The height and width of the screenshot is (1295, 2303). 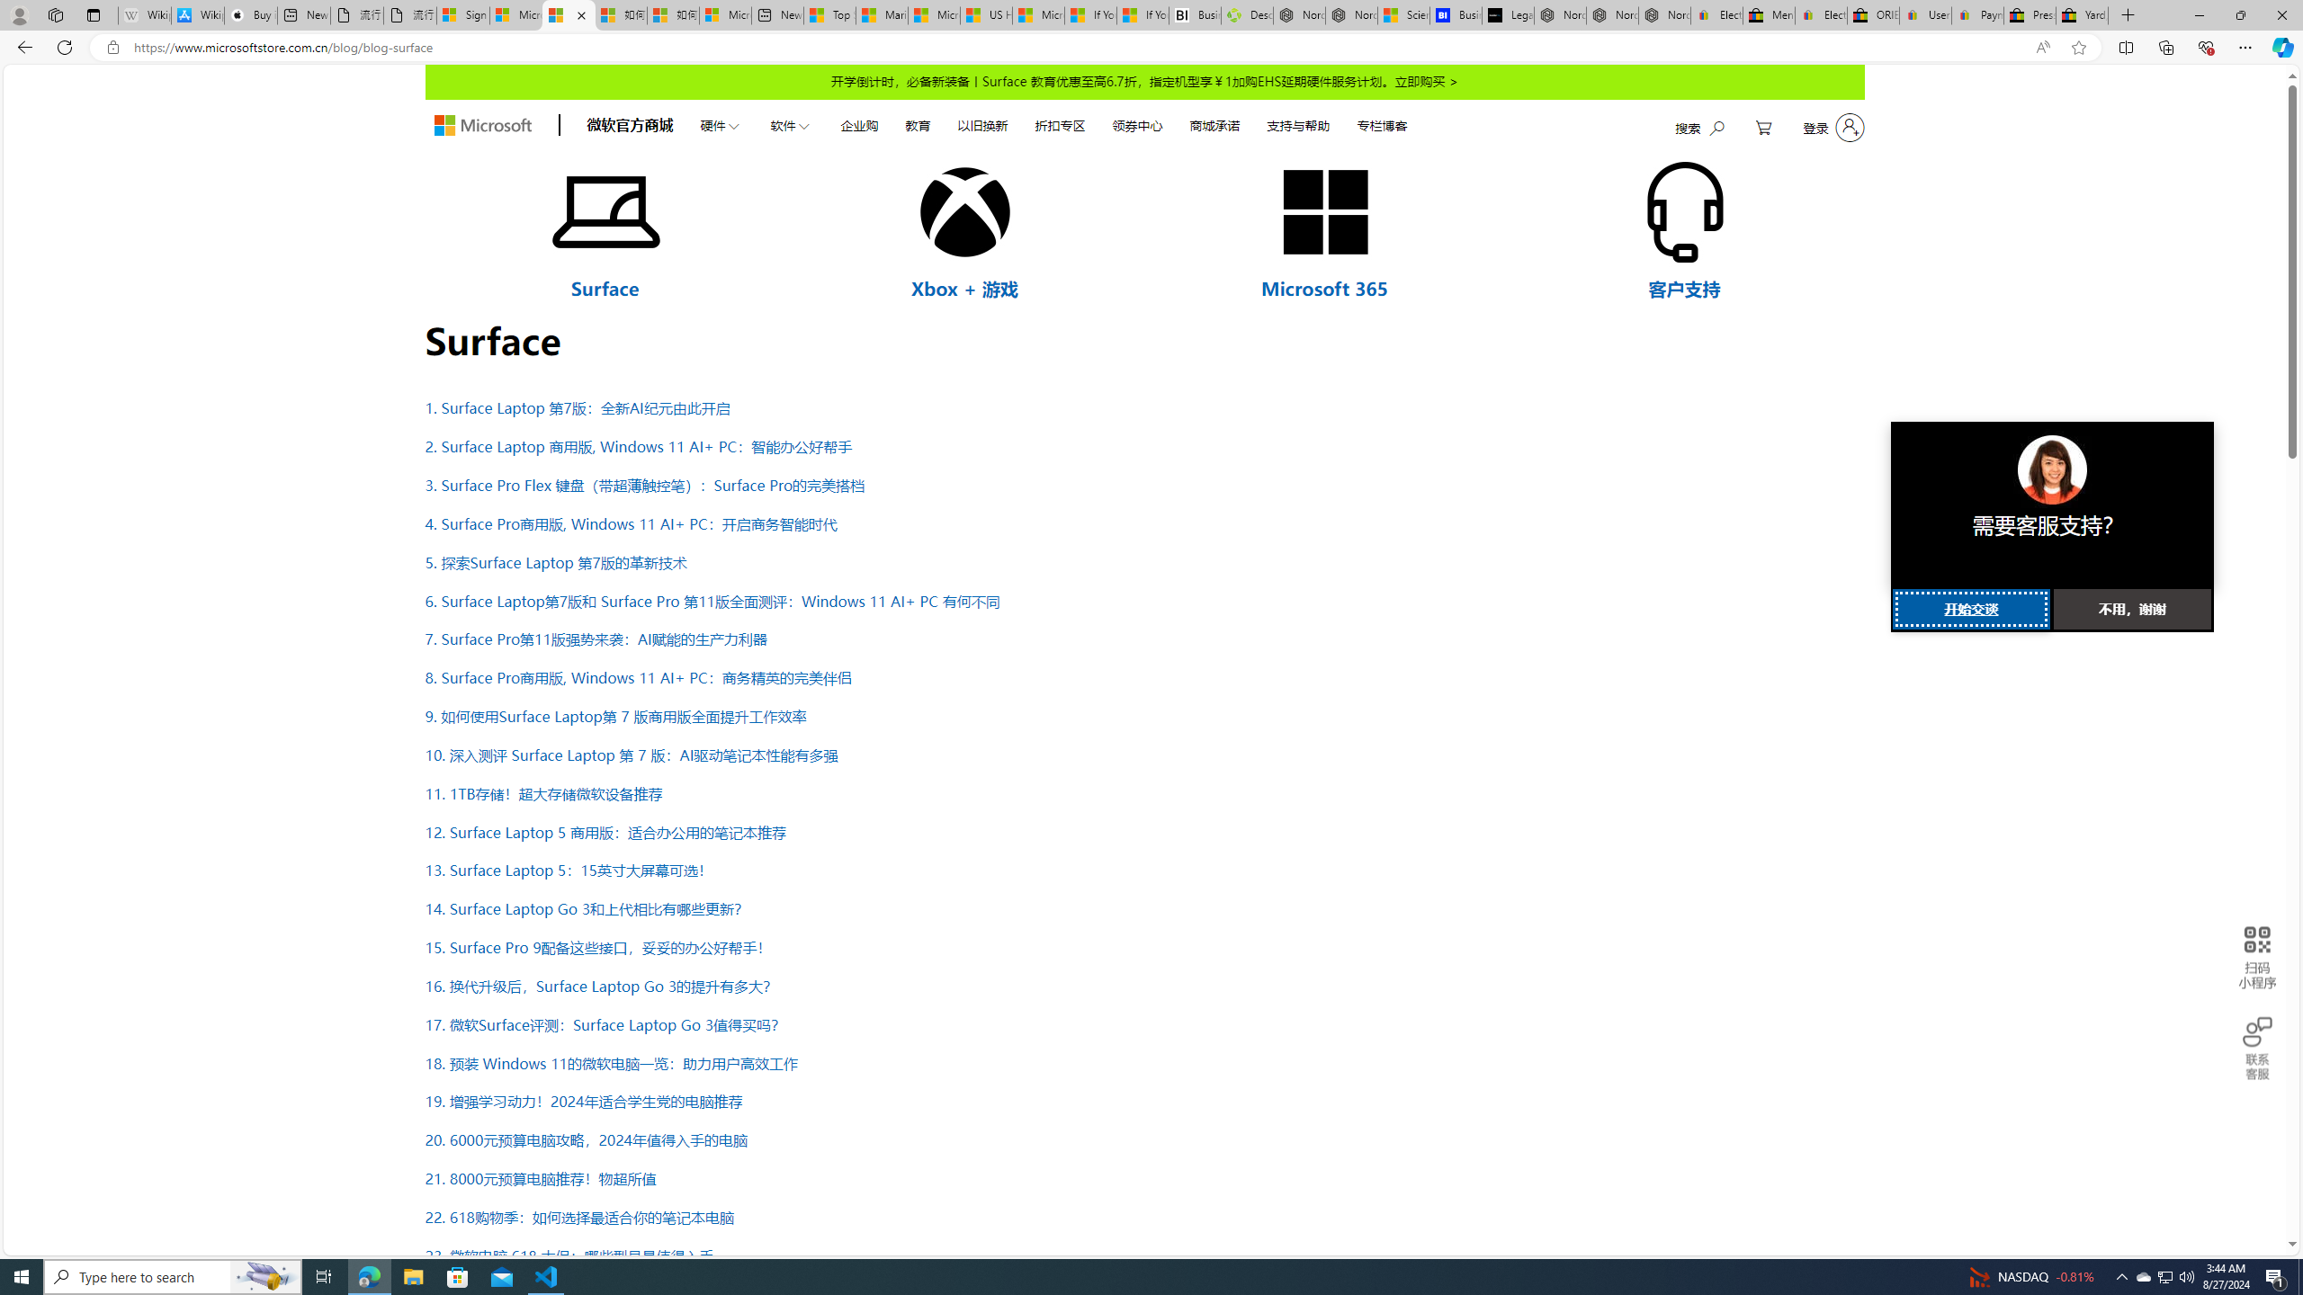 What do you see at coordinates (481, 125) in the screenshot?
I see `'store logo'` at bounding box center [481, 125].